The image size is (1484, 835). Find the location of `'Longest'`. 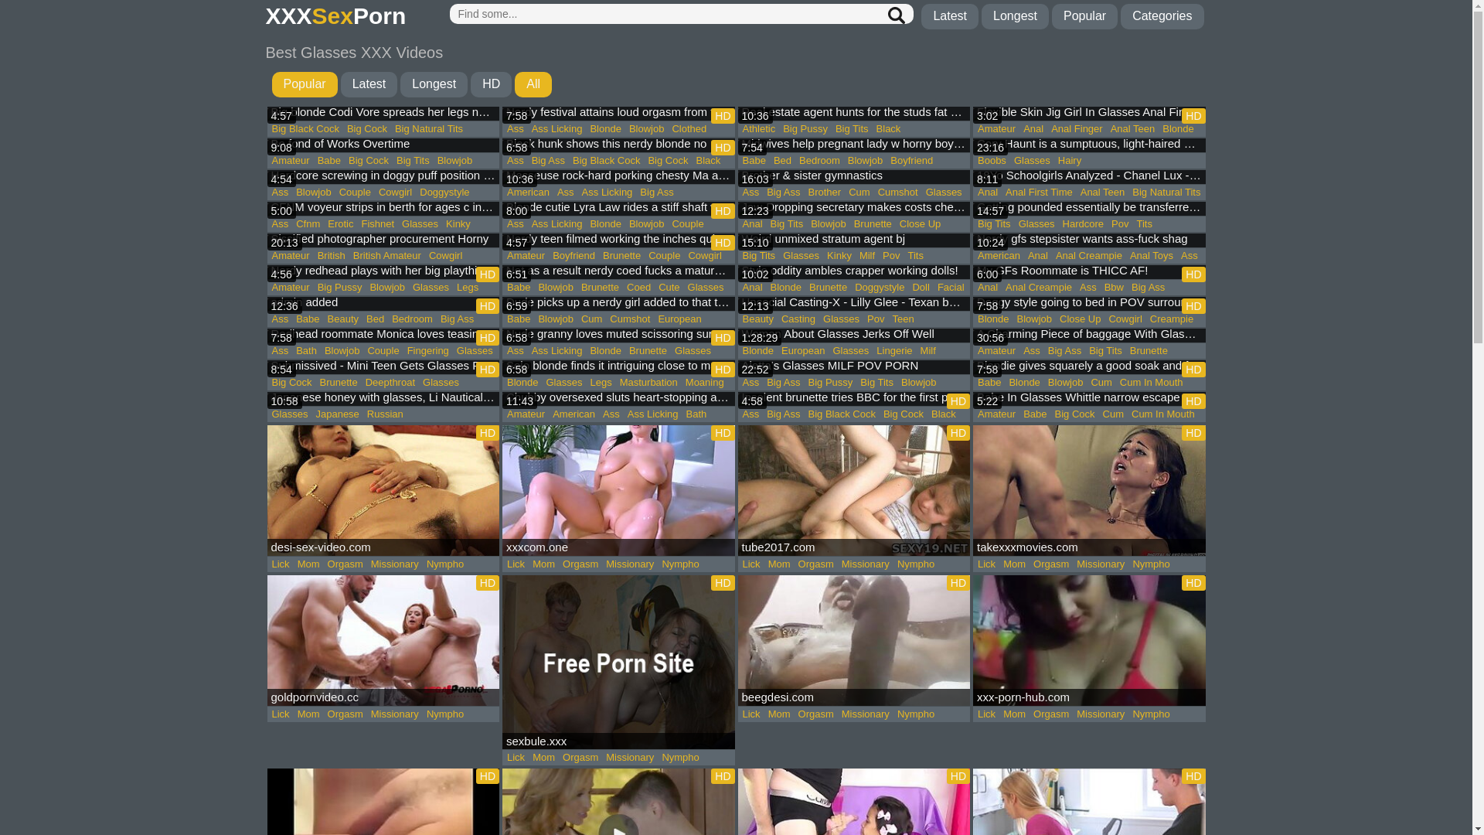

'Longest' is located at coordinates (433, 84).